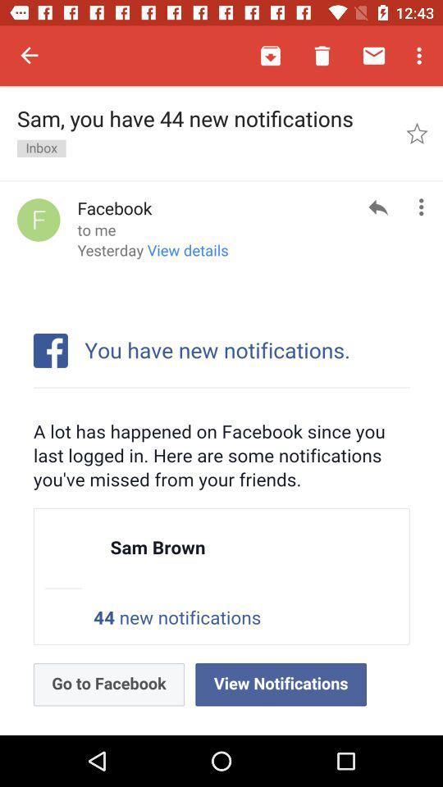 This screenshot has width=443, height=787. What do you see at coordinates (378, 206) in the screenshot?
I see `item to the right of yesterday view details item` at bounding box center [378, 206].